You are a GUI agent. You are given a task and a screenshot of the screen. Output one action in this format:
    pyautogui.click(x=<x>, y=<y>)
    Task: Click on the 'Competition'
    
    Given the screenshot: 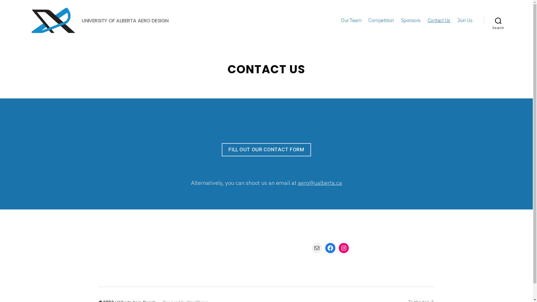 What is the action you would take?
    pyautogui.click(x=381, y=20)
    